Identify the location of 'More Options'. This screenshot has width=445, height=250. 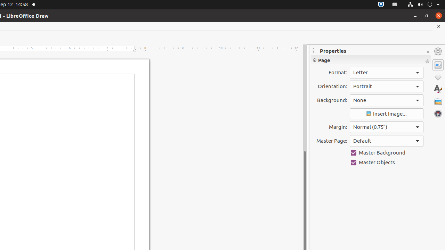
(427, 61).